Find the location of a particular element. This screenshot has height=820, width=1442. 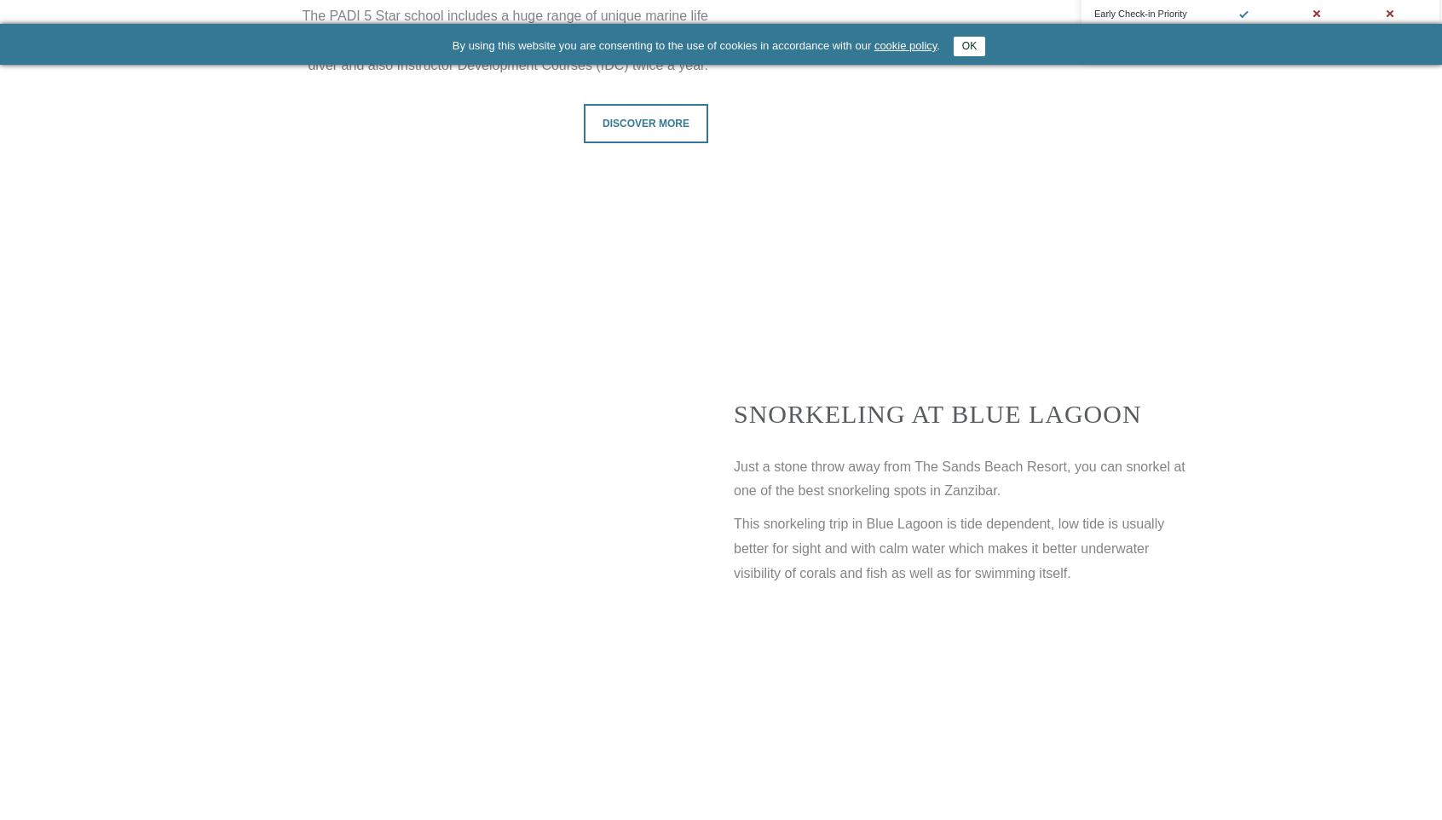

'This snorkeling trip in Blue Lagoon is tide dependent, low tide is usually better for sight and with calm water which makes it better underwater visibility of corals and fish as well as for swimming itself.' is located at coordinates (949, 548).